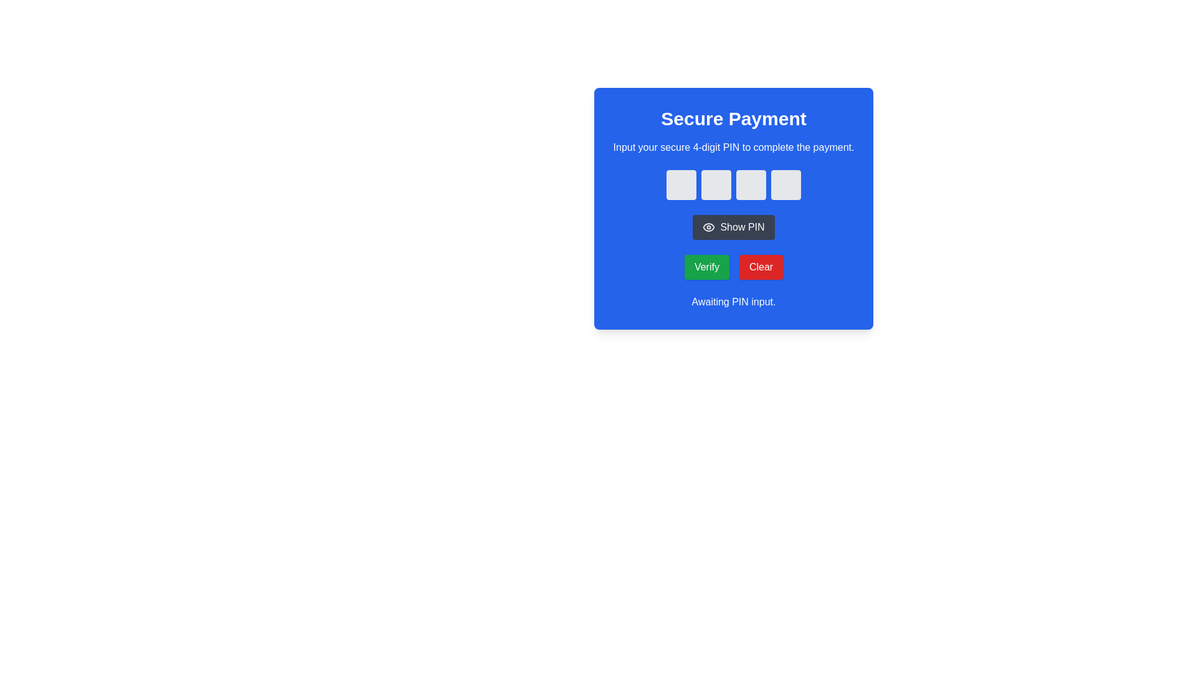 The image size is (1196, 673). I want to click on the text label that instructs users to 'Input your secure 4-digit PIN to complete the payment.' This label is styled with white text on a blue background and is centrally positioned above the PIN input fields, so click(733, 146).